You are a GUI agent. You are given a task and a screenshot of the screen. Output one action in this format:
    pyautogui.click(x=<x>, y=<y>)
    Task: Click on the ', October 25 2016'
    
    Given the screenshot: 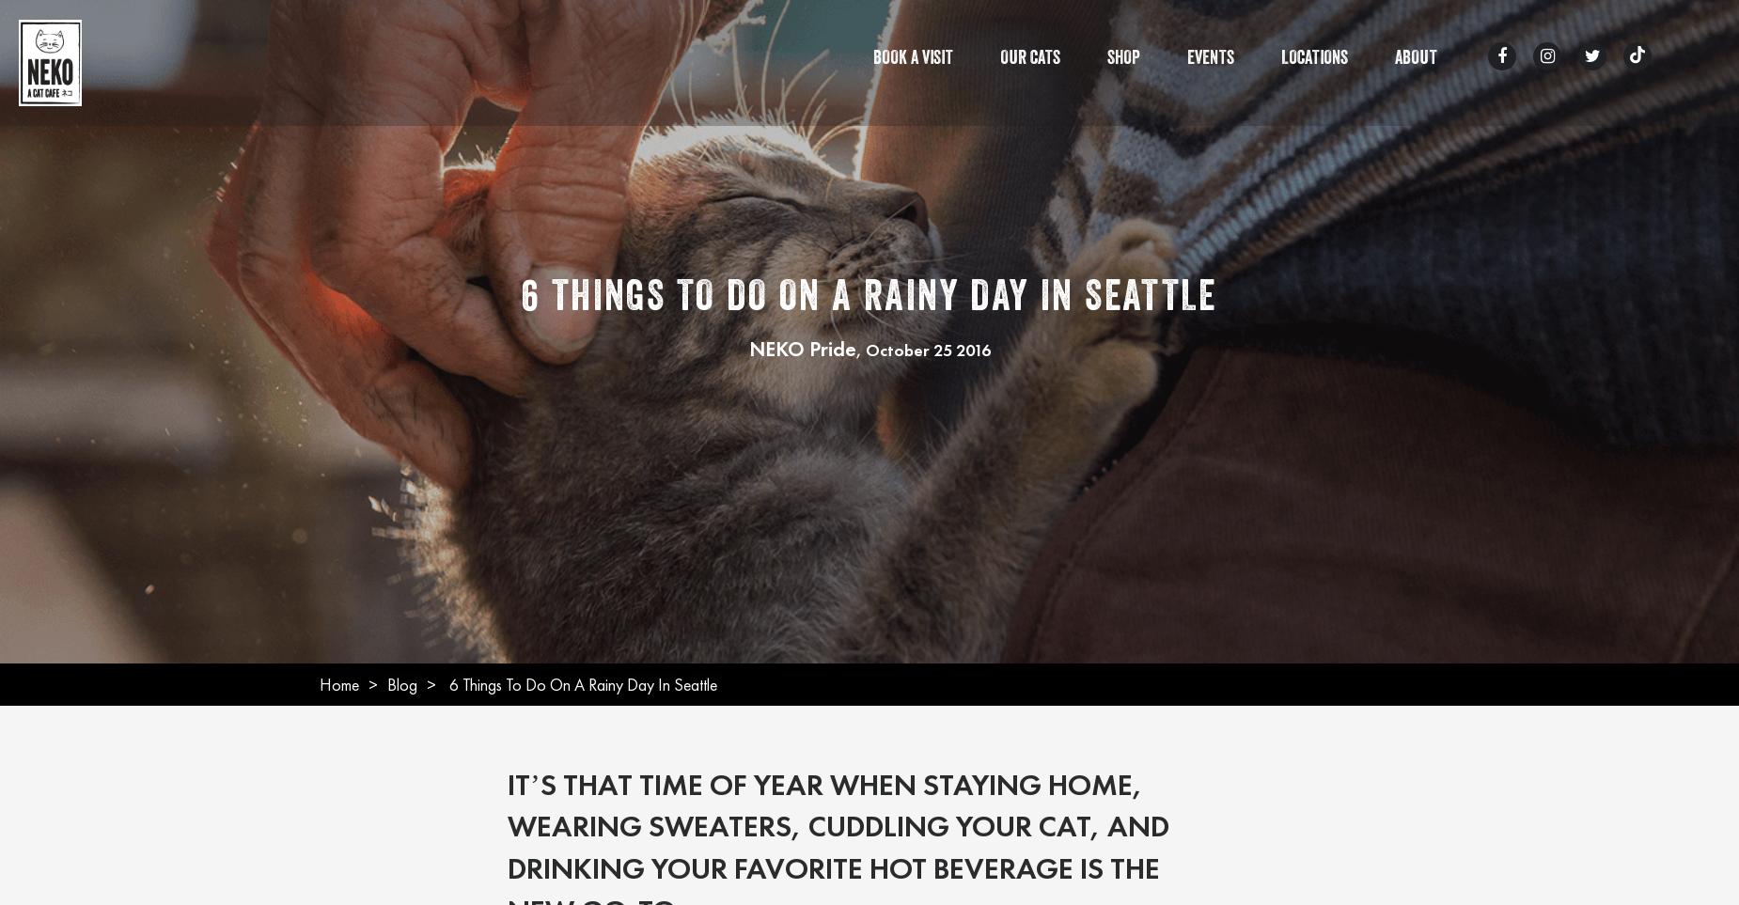 What is the action you would take?
    pyautogui.click(x=855, y=348)
    